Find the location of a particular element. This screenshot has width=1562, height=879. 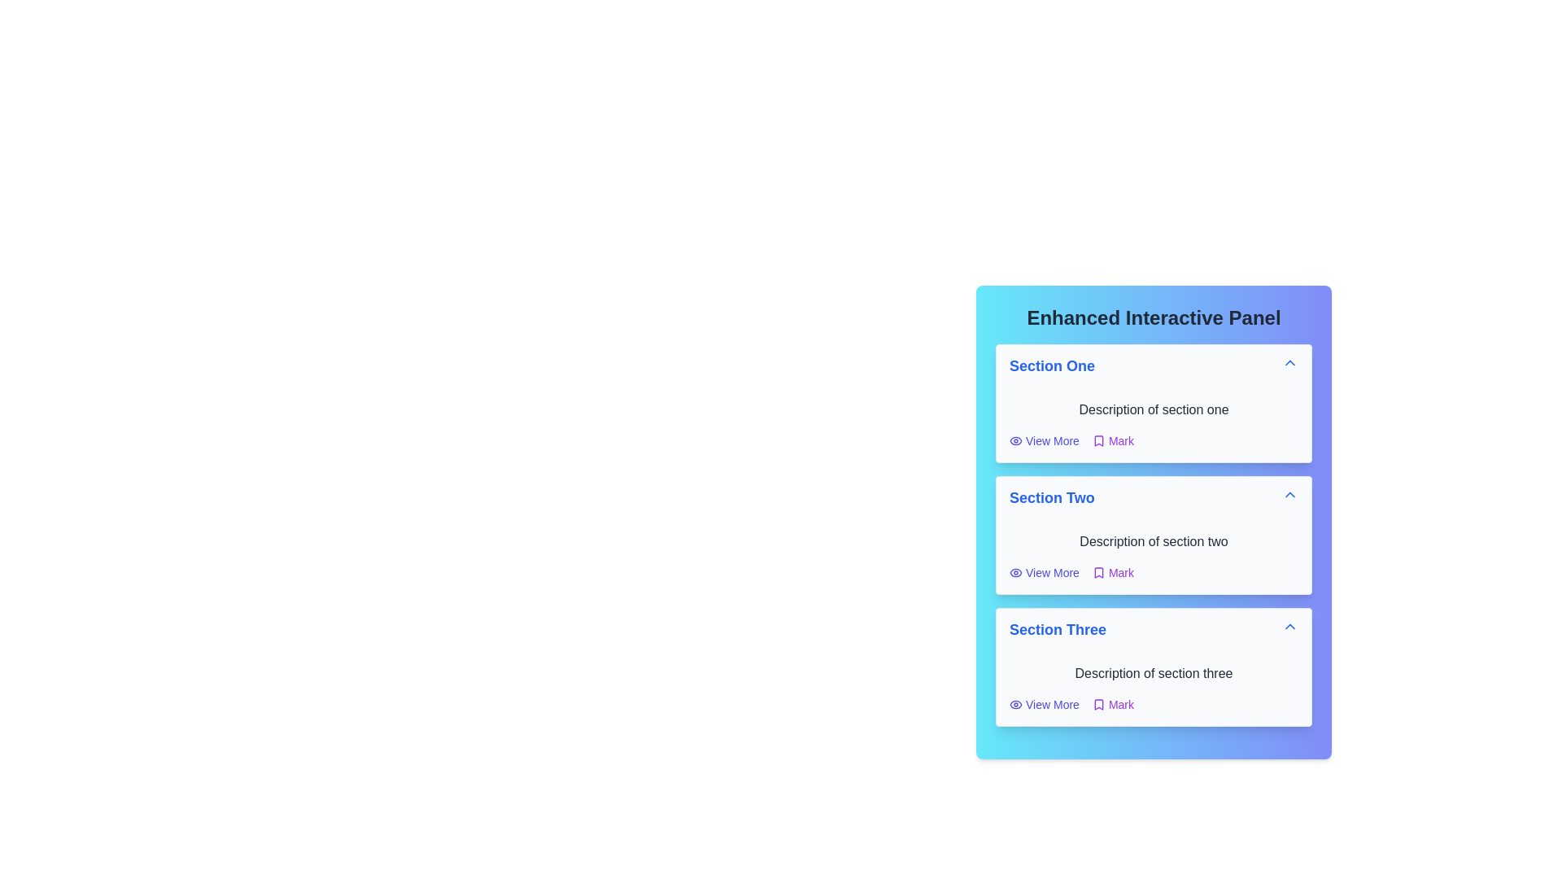

the 'Mark' button located at the bottom of the 'Section Three' card within the 'Enhanced Interactive Panel' to bookmark the section is located at coordinates (1153, 704).